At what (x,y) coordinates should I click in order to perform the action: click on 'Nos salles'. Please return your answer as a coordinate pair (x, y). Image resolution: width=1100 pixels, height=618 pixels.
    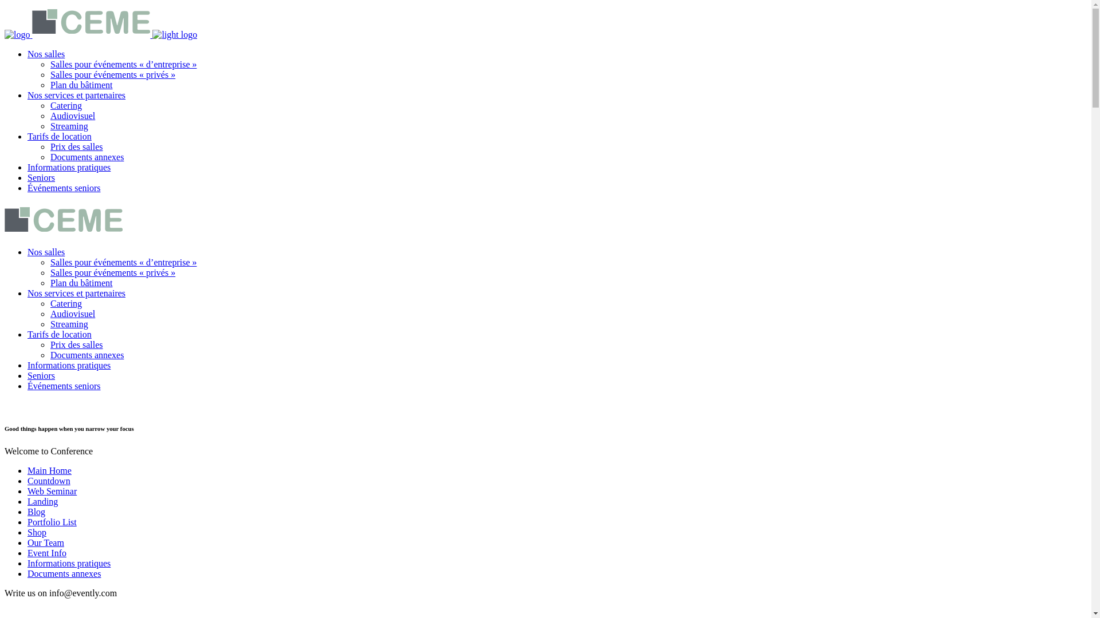
    Looking at the image, I should click on (27, 54).